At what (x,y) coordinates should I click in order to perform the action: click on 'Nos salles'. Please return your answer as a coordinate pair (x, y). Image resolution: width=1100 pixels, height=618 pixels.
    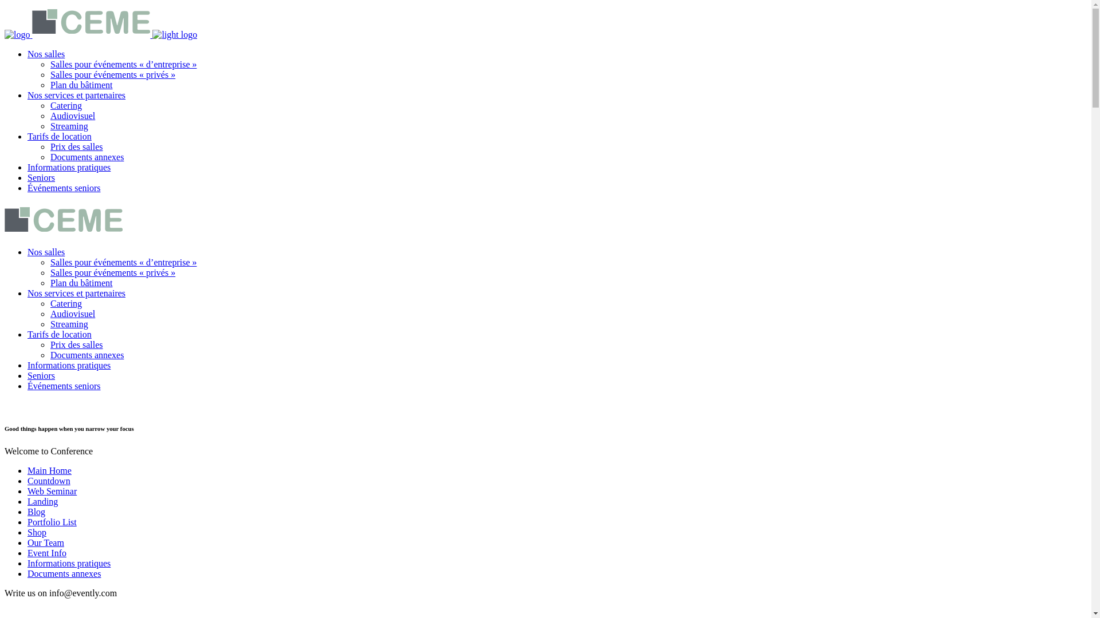
    Looking at the image, I should click on (27, 54).